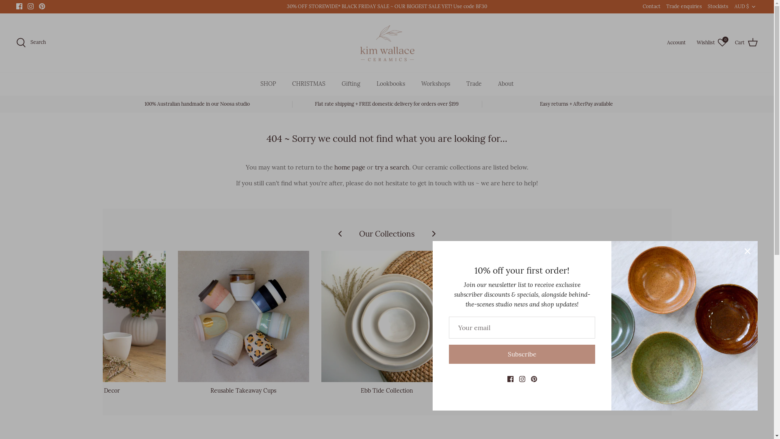 The width and height of the screenshot is (780, 439). What do you see at coordinates (351, 84) in the screenshot?
I see `'Gifting'` at bounding box center [351, 84].